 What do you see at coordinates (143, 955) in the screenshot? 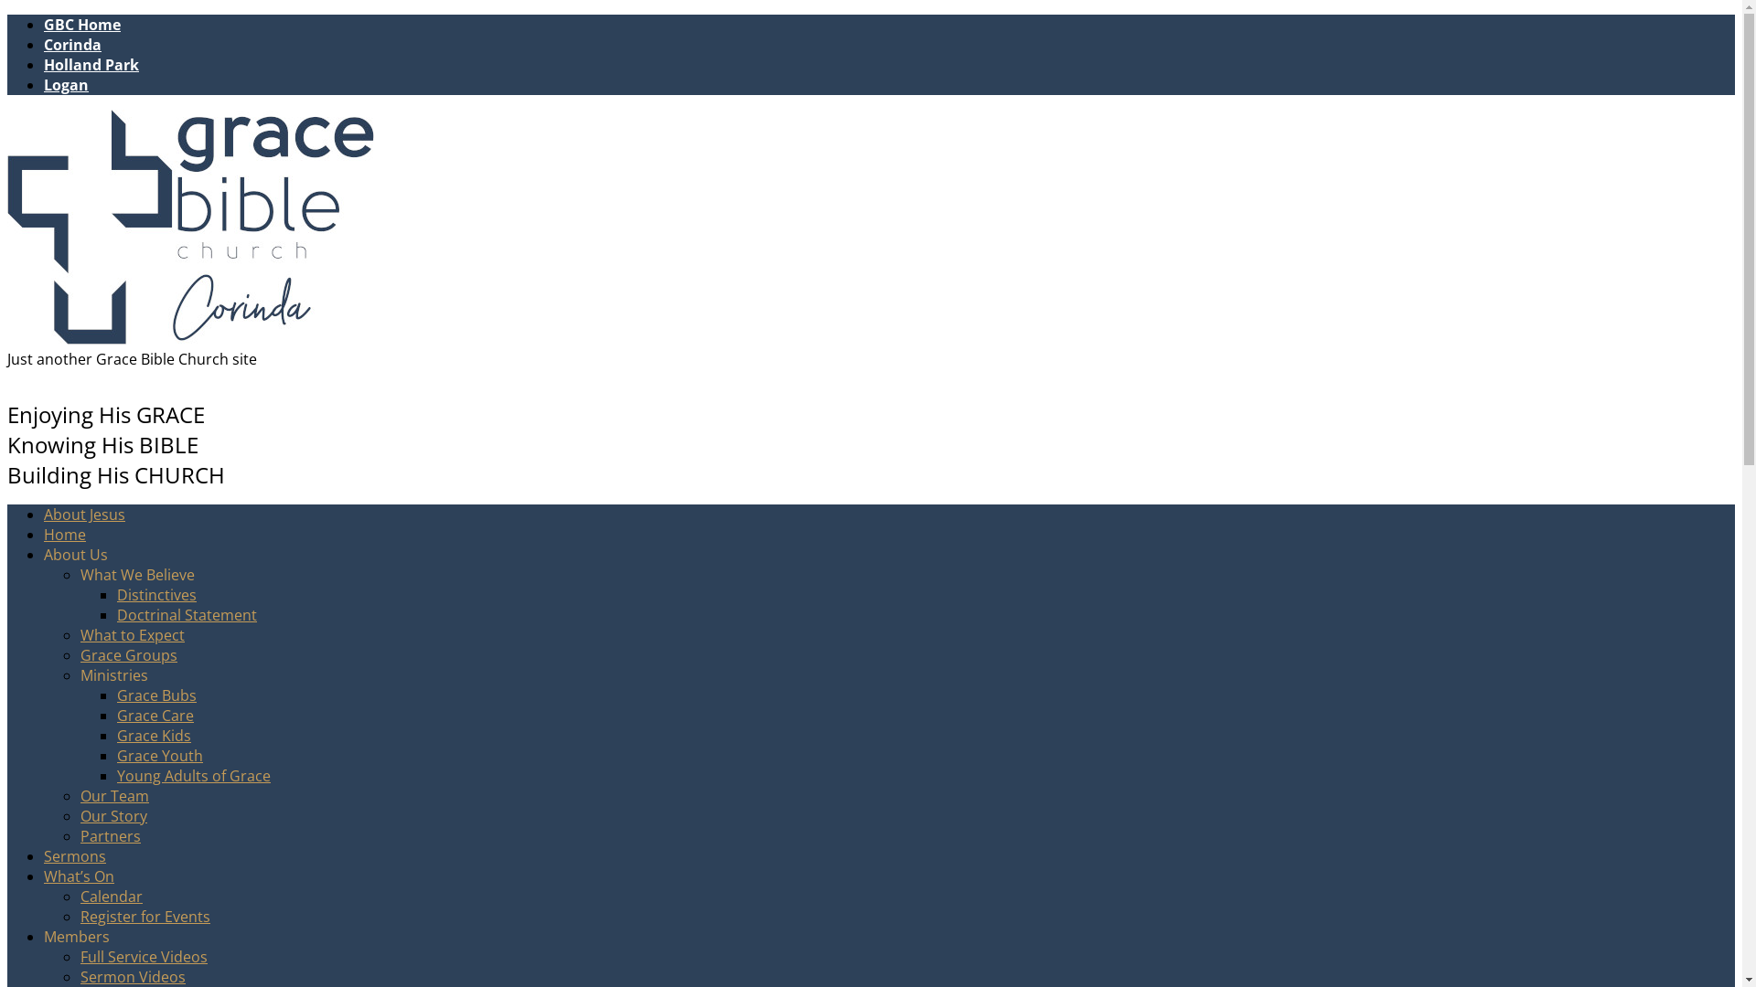
I see `'Full Service Videos'` at bounding box center [143, 955].